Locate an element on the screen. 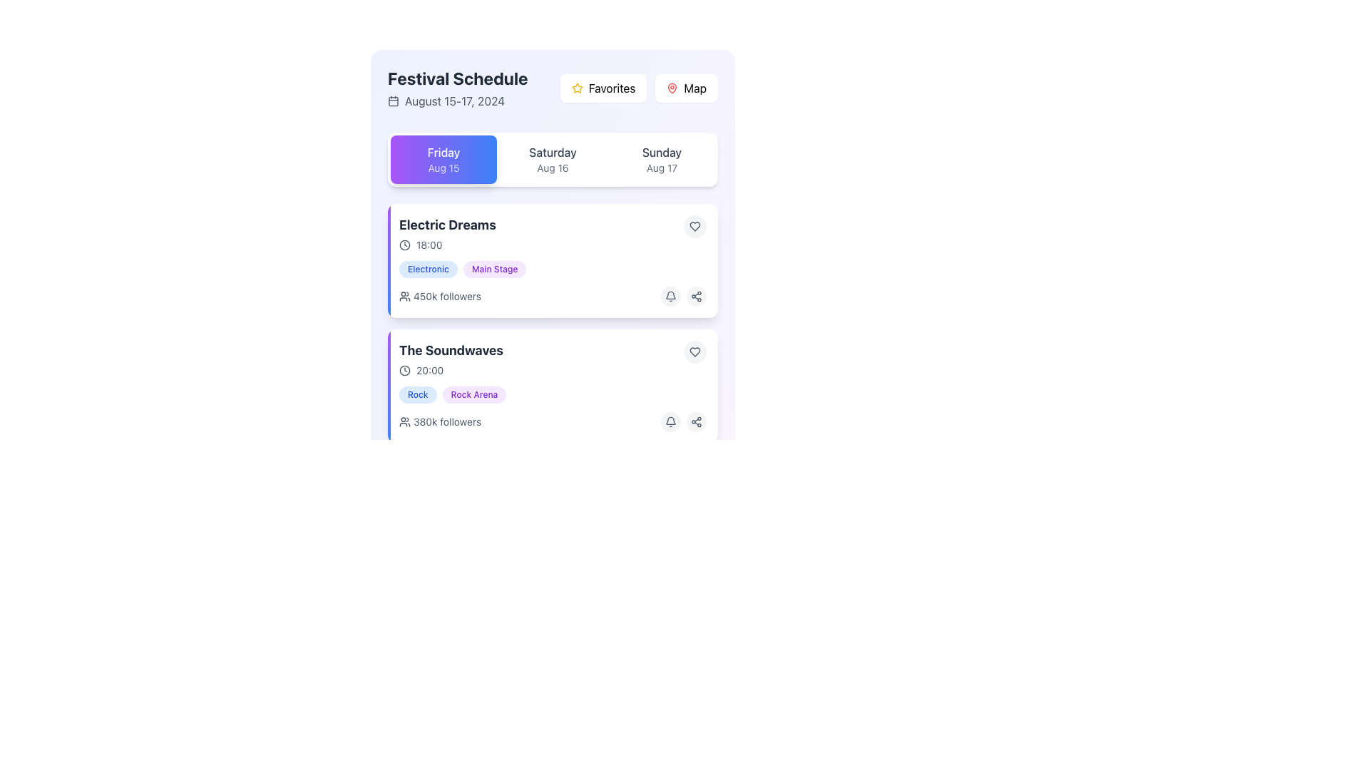 The image size is (1369, 770). the notification toggle button located in the top-right corner of the 'Electric Dreams' event card is located at coordinates (670, 296).